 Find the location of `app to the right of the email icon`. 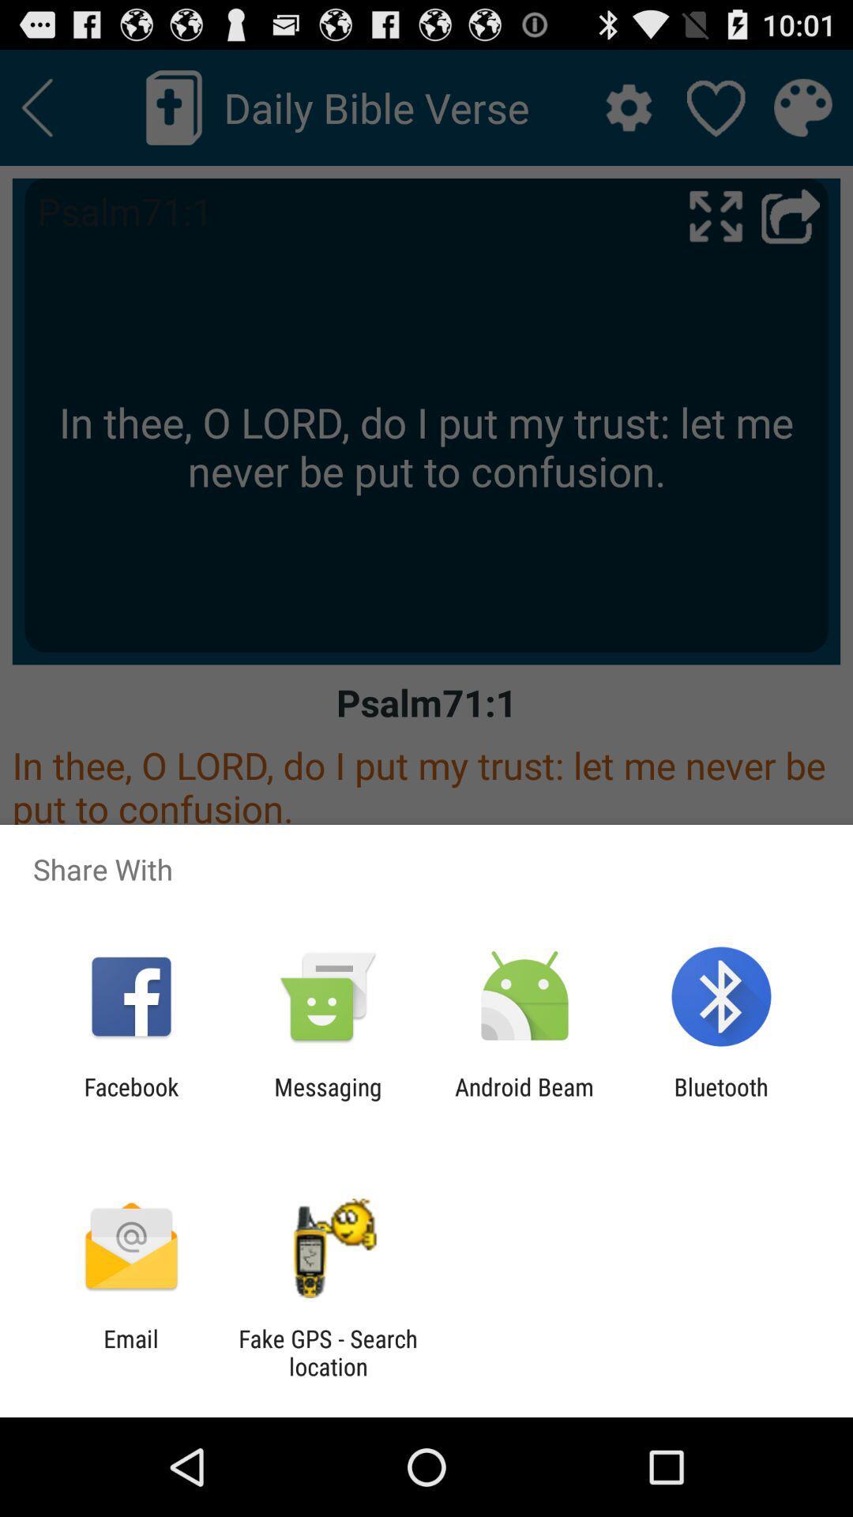

app to the right of the email icon is located at coordinates (327, 1352).